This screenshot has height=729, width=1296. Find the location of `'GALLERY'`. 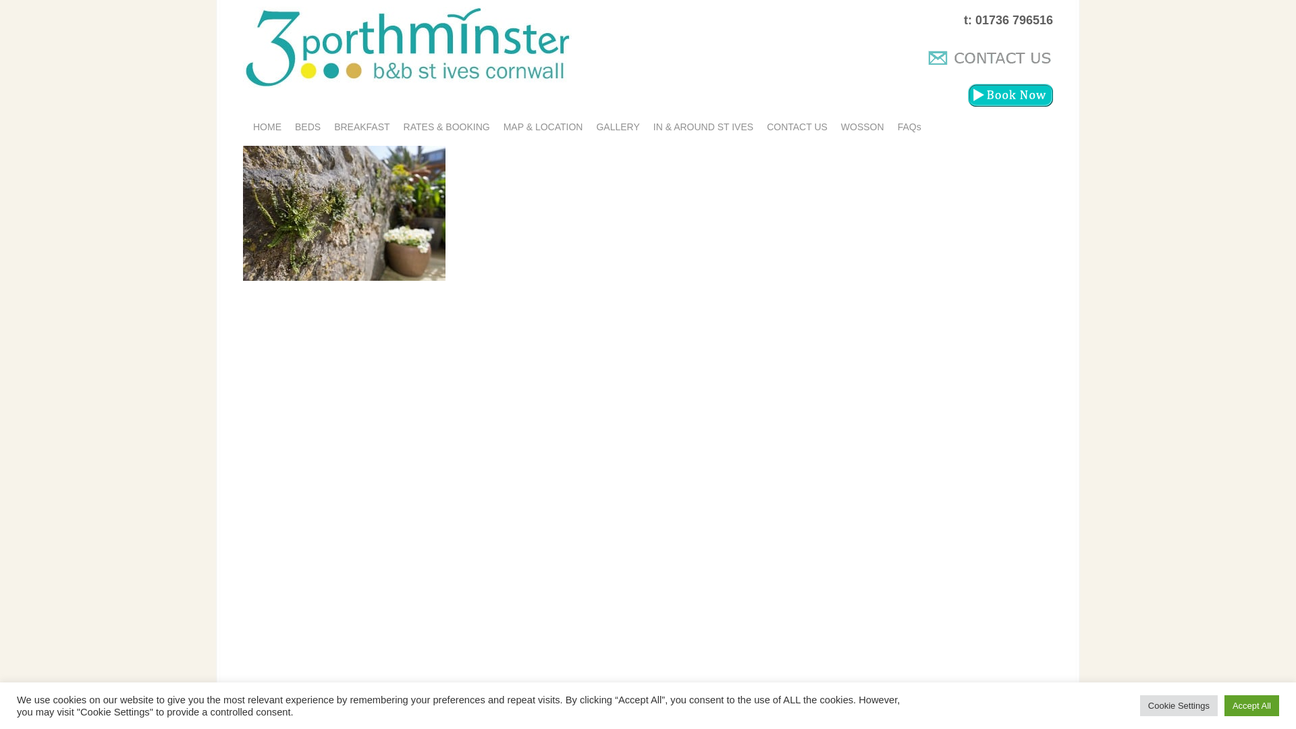

'GALLERY' is located at coordinates (617, 127).